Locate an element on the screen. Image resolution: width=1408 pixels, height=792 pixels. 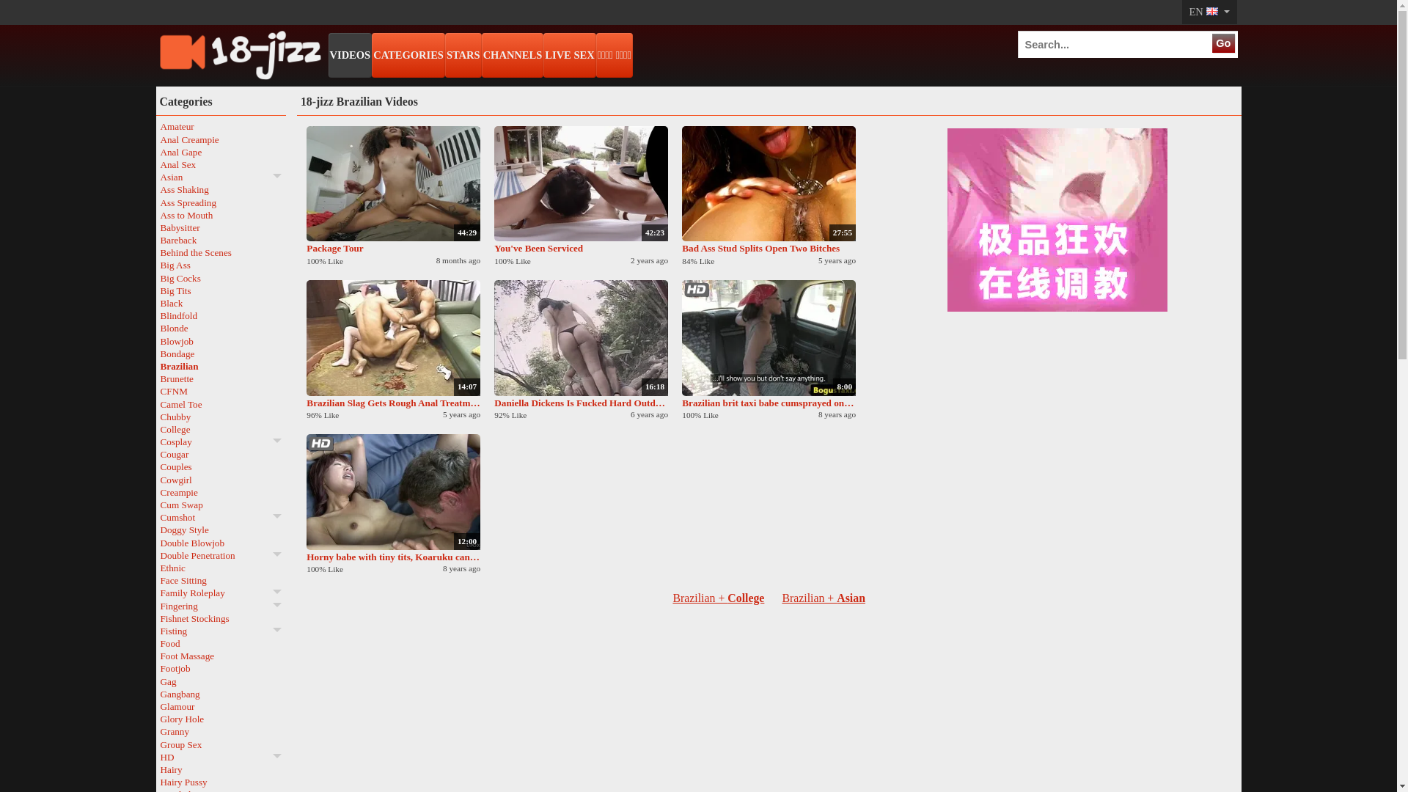
'CHANNELS' is located at coordinates (513, 54).